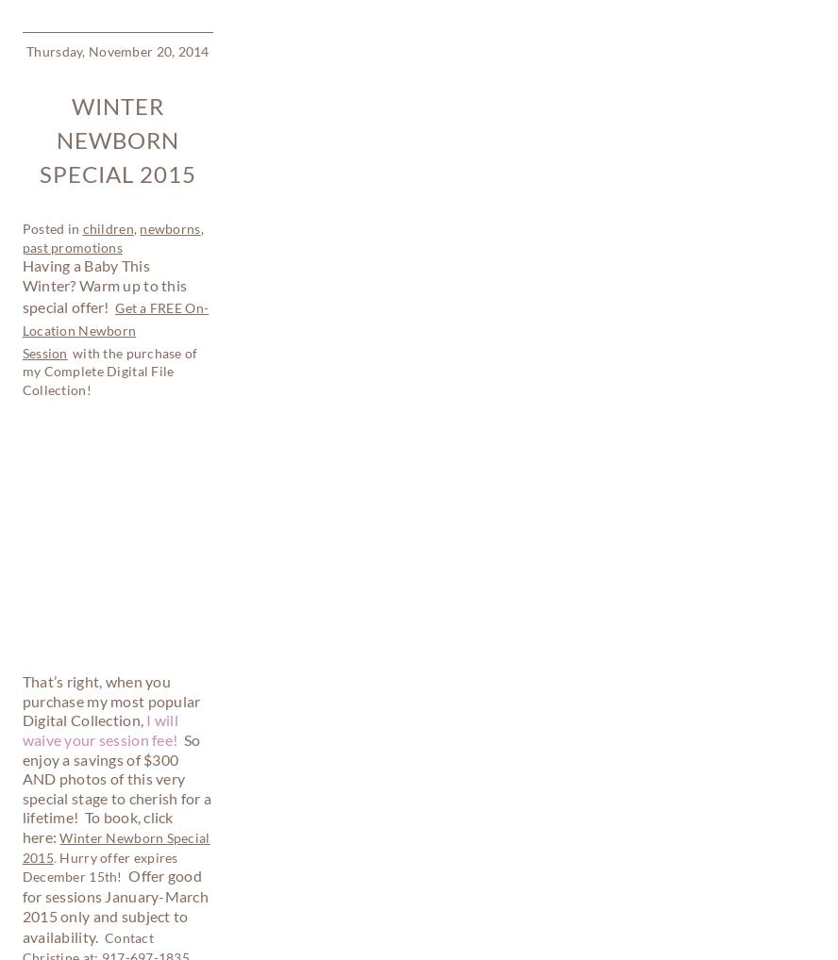 Image resolution: width=838 pixels, height=960 pixels. Describe the element at coordinates (21, 300) in the screenshot. I see `'Hurry offer expires December 15th!'` at that location.